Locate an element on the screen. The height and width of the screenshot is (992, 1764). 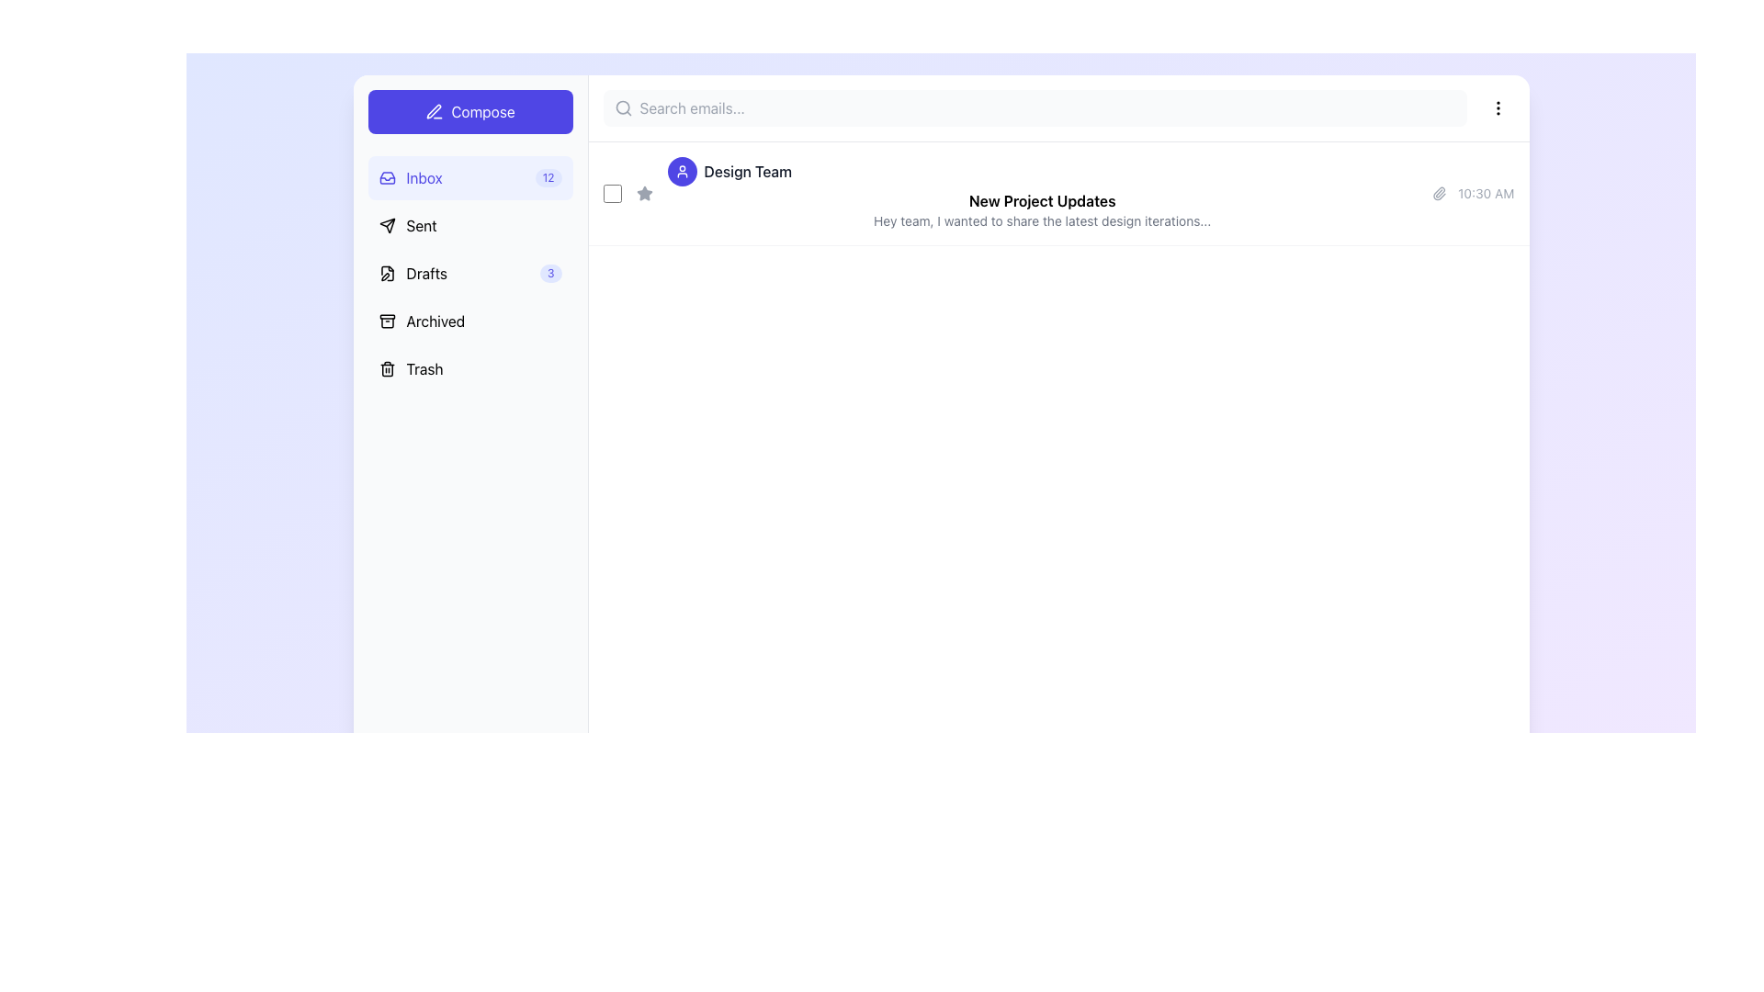
the text-based content area that features the 'Design Team' header, 'New Project Updates' title, and additional details about design iterations is located at coordinates (1042, 194).